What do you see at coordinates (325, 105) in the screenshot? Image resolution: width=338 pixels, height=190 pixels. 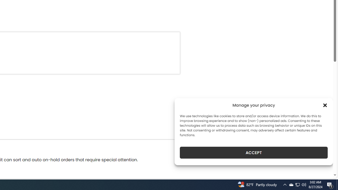 I see `'Class: cmplz-close'` at bounding box center [325, 105].